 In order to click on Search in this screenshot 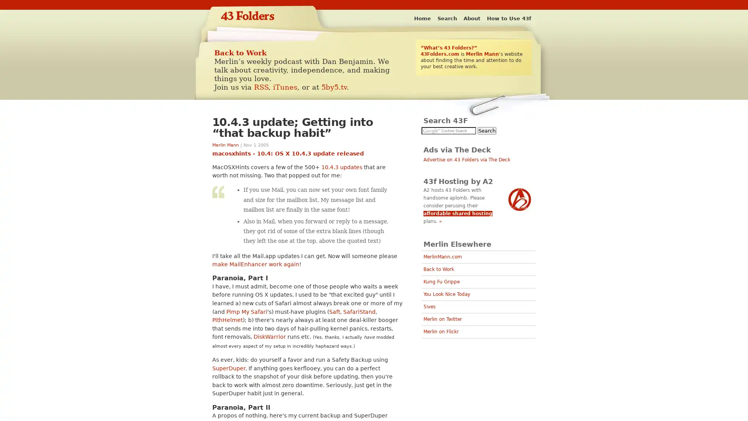, I will do `click(486, 130)`.